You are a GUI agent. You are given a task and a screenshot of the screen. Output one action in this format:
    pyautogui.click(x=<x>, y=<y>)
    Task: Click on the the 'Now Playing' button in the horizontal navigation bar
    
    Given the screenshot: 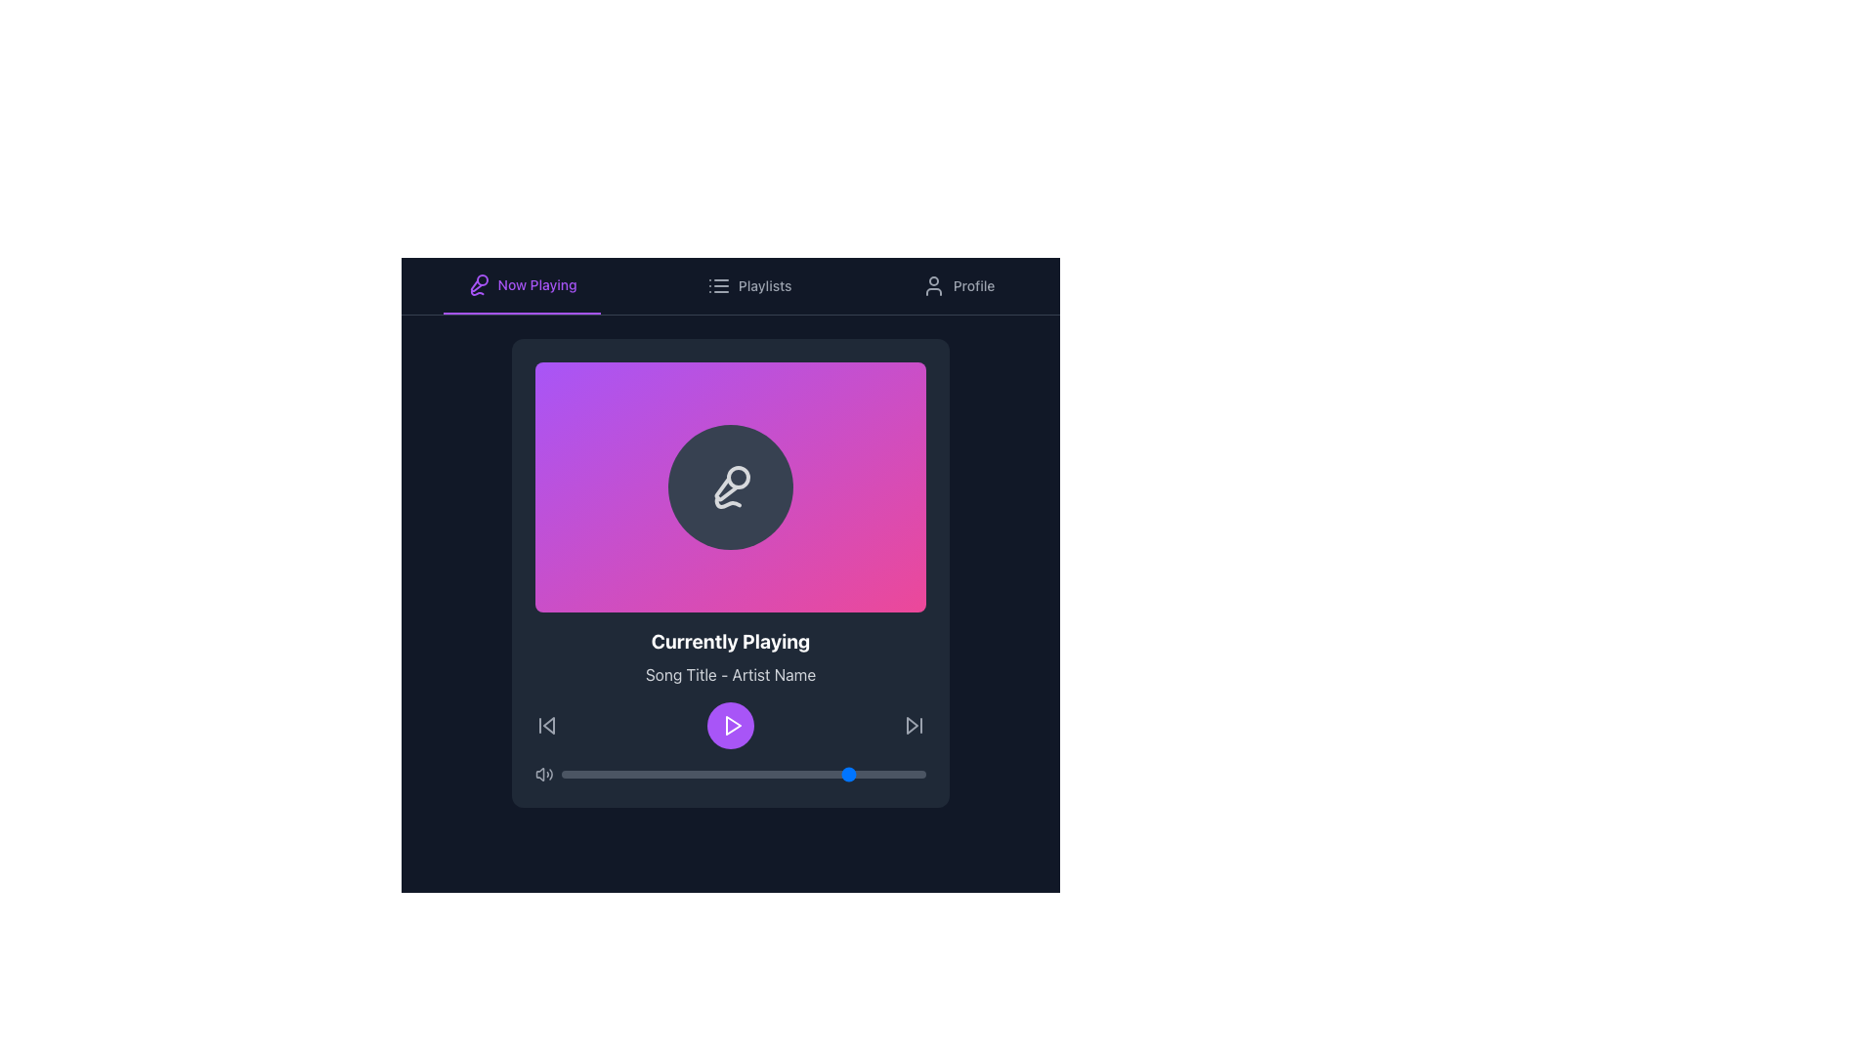 What is the action you would take?
    pyautogui.click(x=522, y=286)
    